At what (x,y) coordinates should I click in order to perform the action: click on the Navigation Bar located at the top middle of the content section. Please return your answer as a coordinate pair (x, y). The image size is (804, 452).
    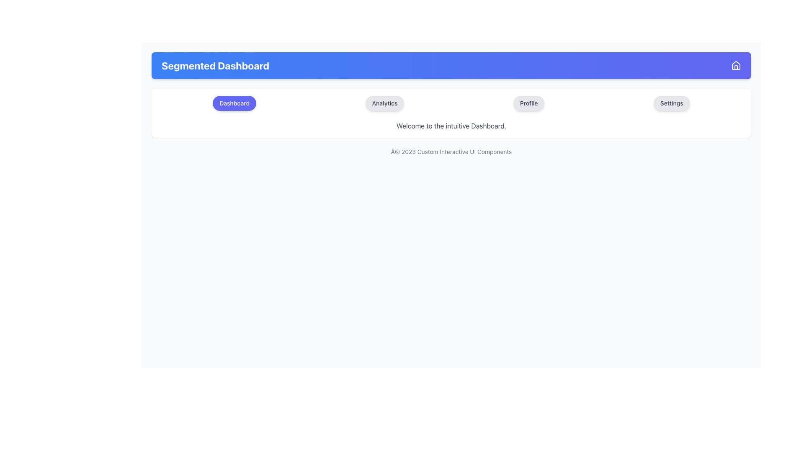
    Looking at the image, I should click on (451, 103).